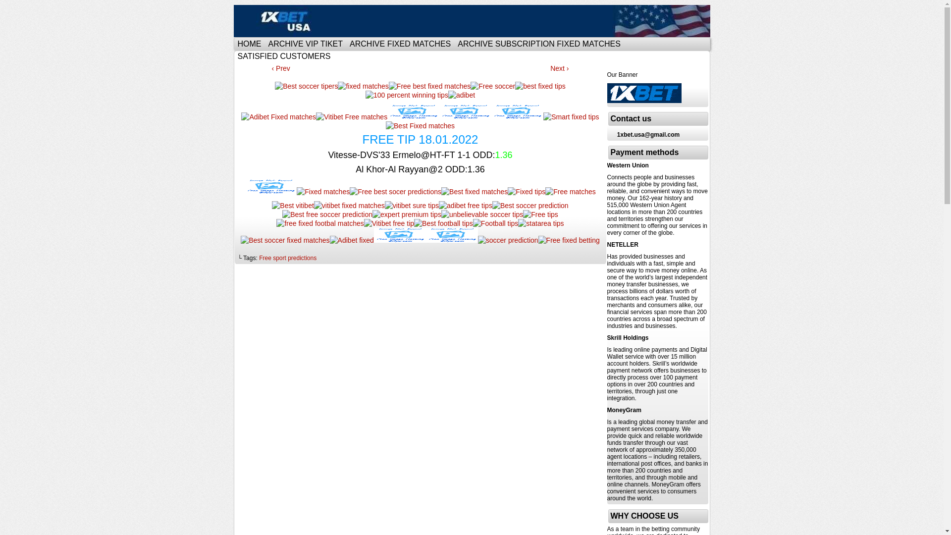 This screenshot has height=535, width=951. What do you see at coordinates (400, 43) in the screenshot?
I see `'ARCHIVE FIXED MATCHES'` at bounding box center [400, 43].